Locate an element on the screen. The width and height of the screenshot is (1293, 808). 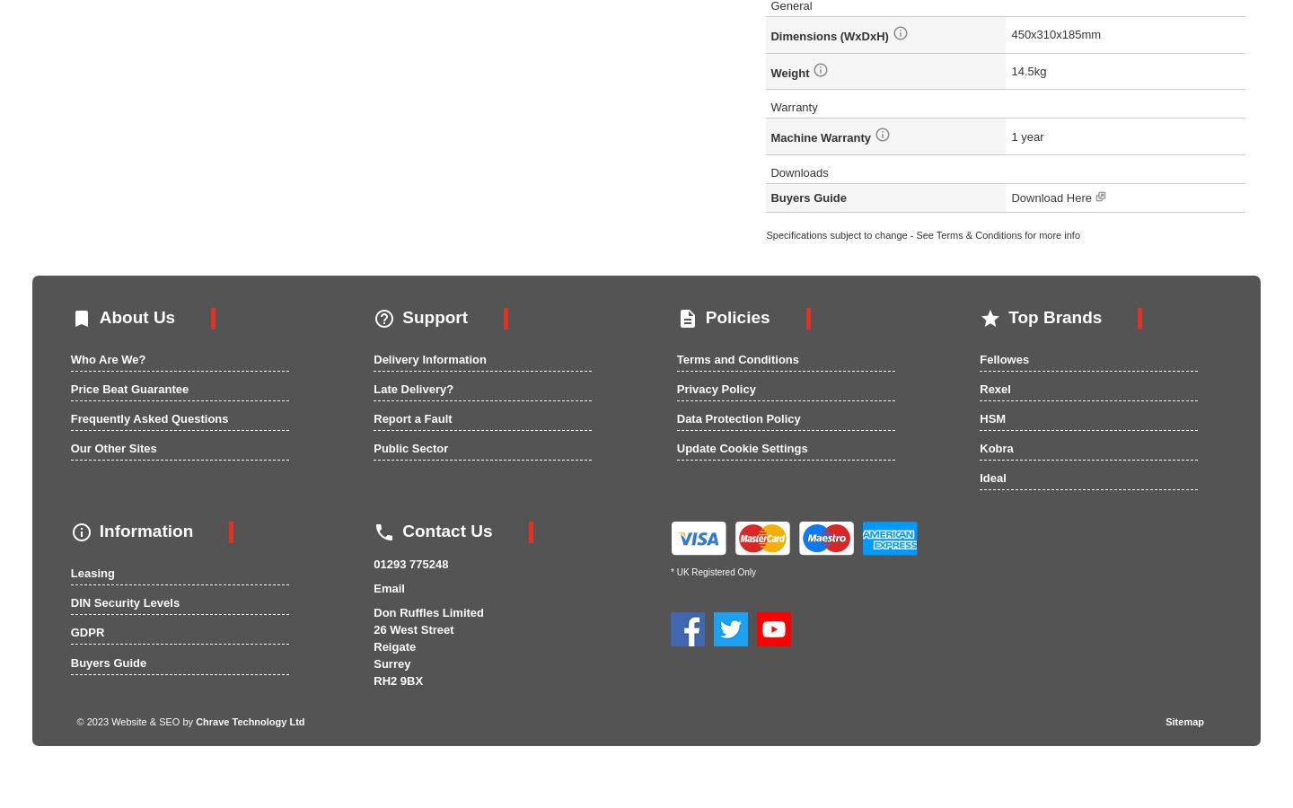
'Support' is located at coordinates (434, 317).